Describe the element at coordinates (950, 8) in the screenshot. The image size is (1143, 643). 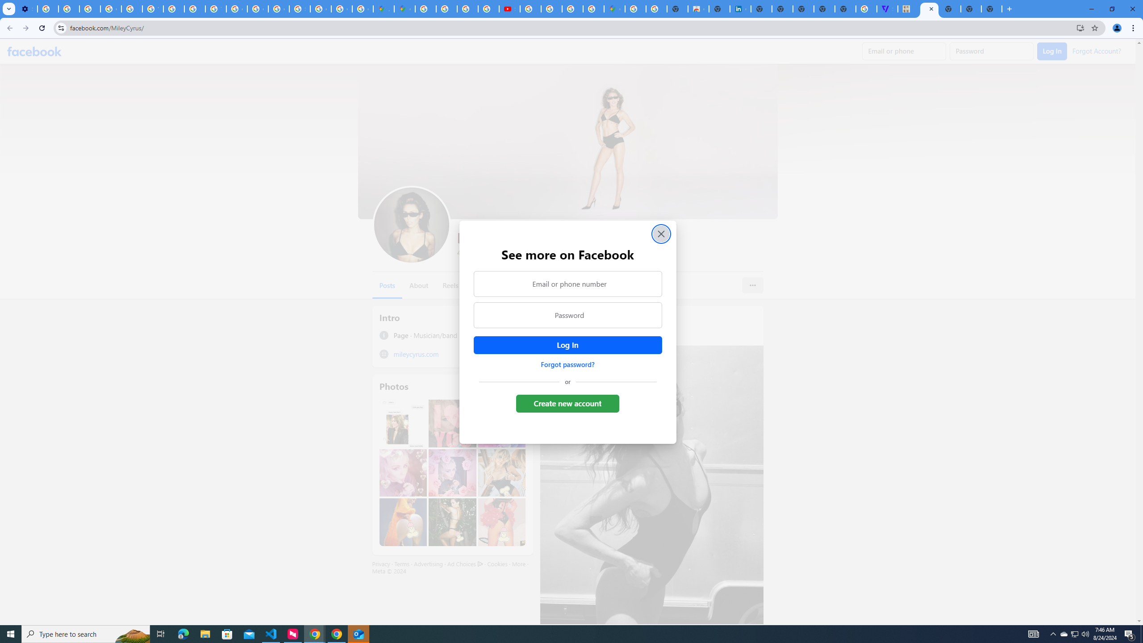
I see `'New Tab'` at that location.